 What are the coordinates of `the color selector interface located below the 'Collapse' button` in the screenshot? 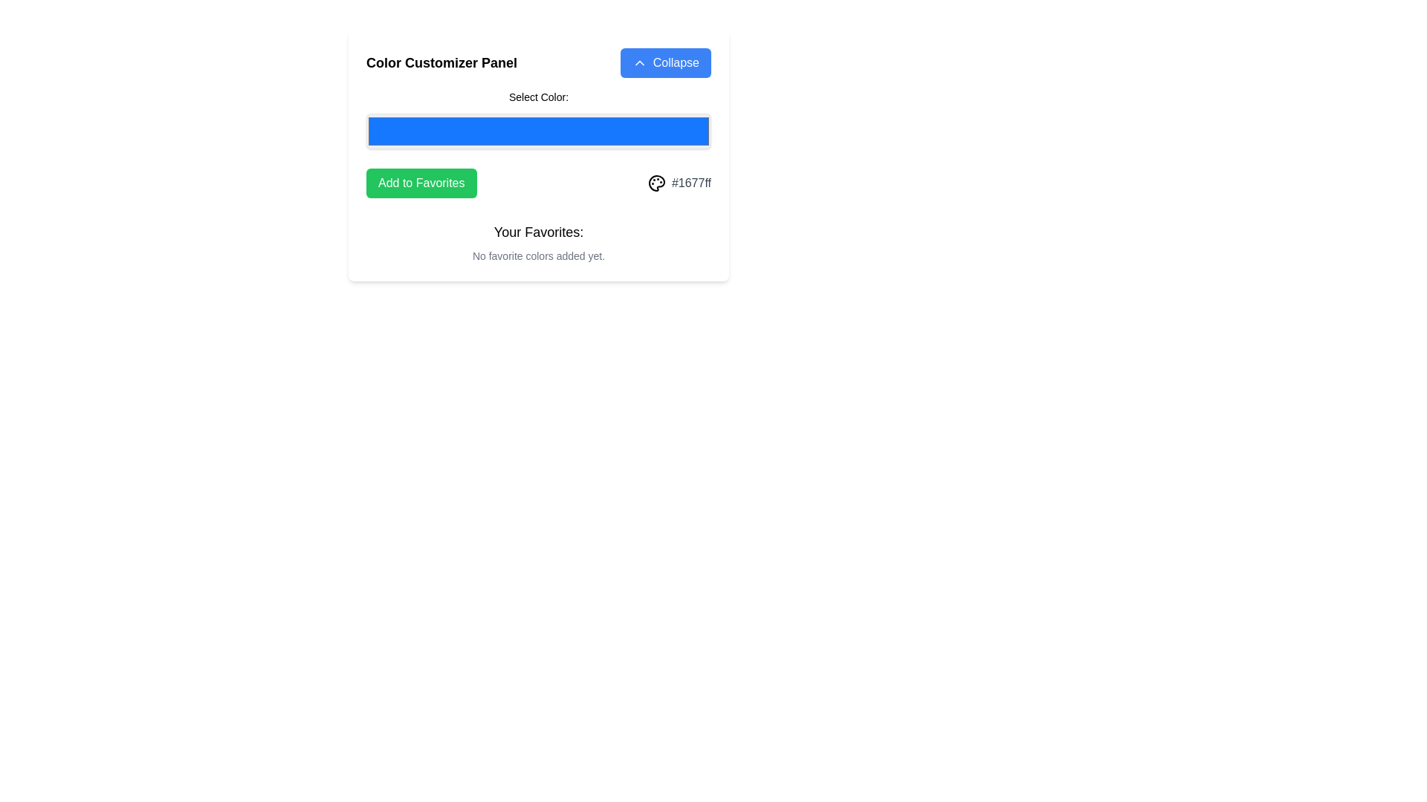 It's located at (537, 120).